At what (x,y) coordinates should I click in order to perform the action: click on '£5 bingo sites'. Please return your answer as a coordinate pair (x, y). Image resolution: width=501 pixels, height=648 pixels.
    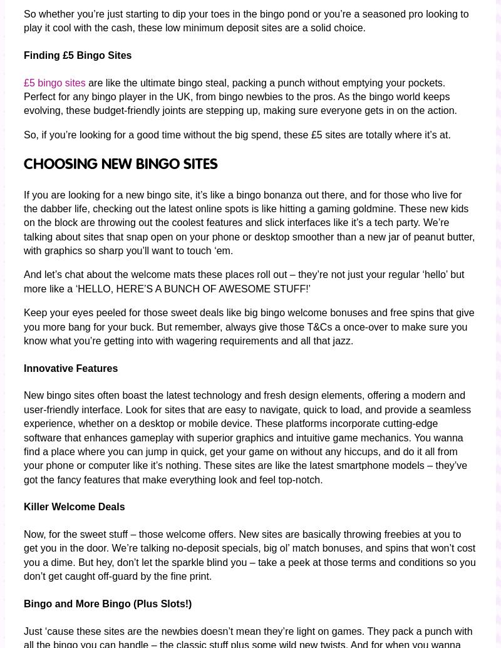
    Looking at the image, I should click on (54, 82).